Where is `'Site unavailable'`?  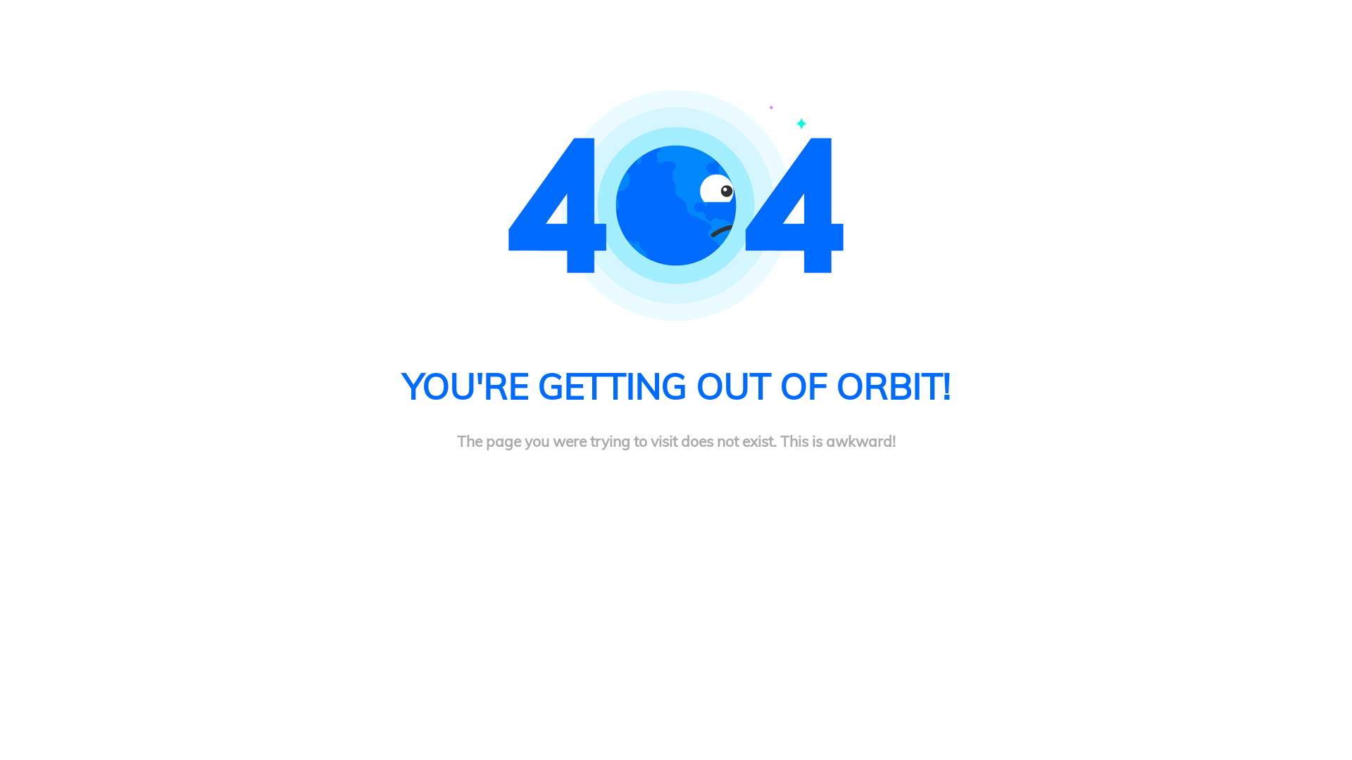 'Site unavailable' is located at coordinates (676, 205).